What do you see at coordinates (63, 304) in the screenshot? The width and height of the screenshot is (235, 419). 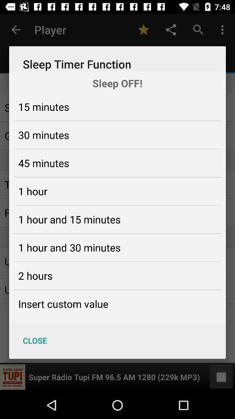 I see `insert custom value icon` at bounding box center [63, 304].